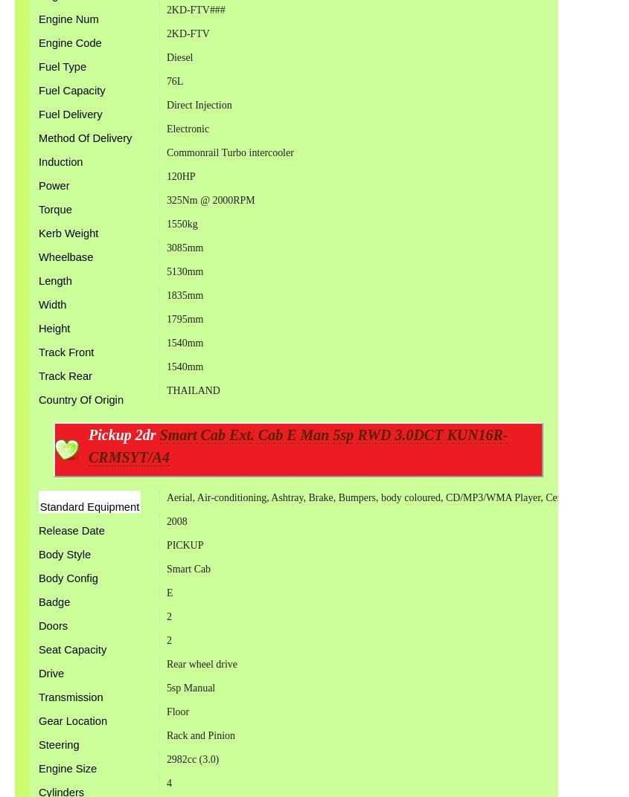 This screenshot has height=797, width=629. Describe the element at coordinates (184, 246) in the screenshot. I see `'3085mm'` at that location.